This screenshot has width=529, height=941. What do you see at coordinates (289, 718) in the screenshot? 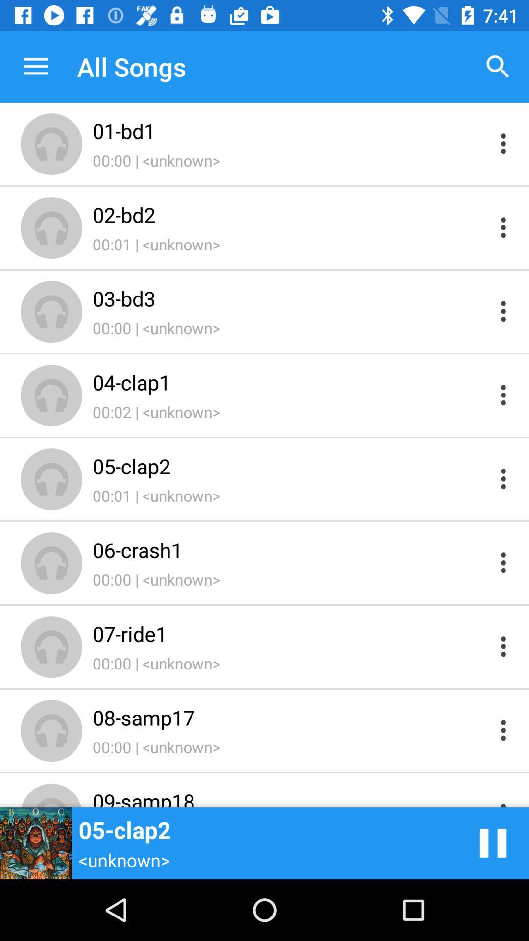
I see `08-samp17 icon` at bounding box center [289, 718].